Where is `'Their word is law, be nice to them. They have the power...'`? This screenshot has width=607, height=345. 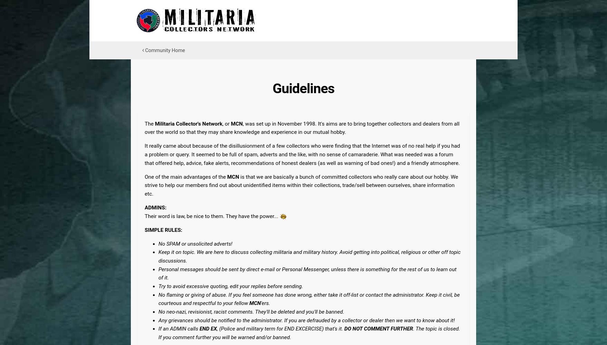
'Their word is law, be nice to them. They have the power...' is located at coordinates (212, 216).